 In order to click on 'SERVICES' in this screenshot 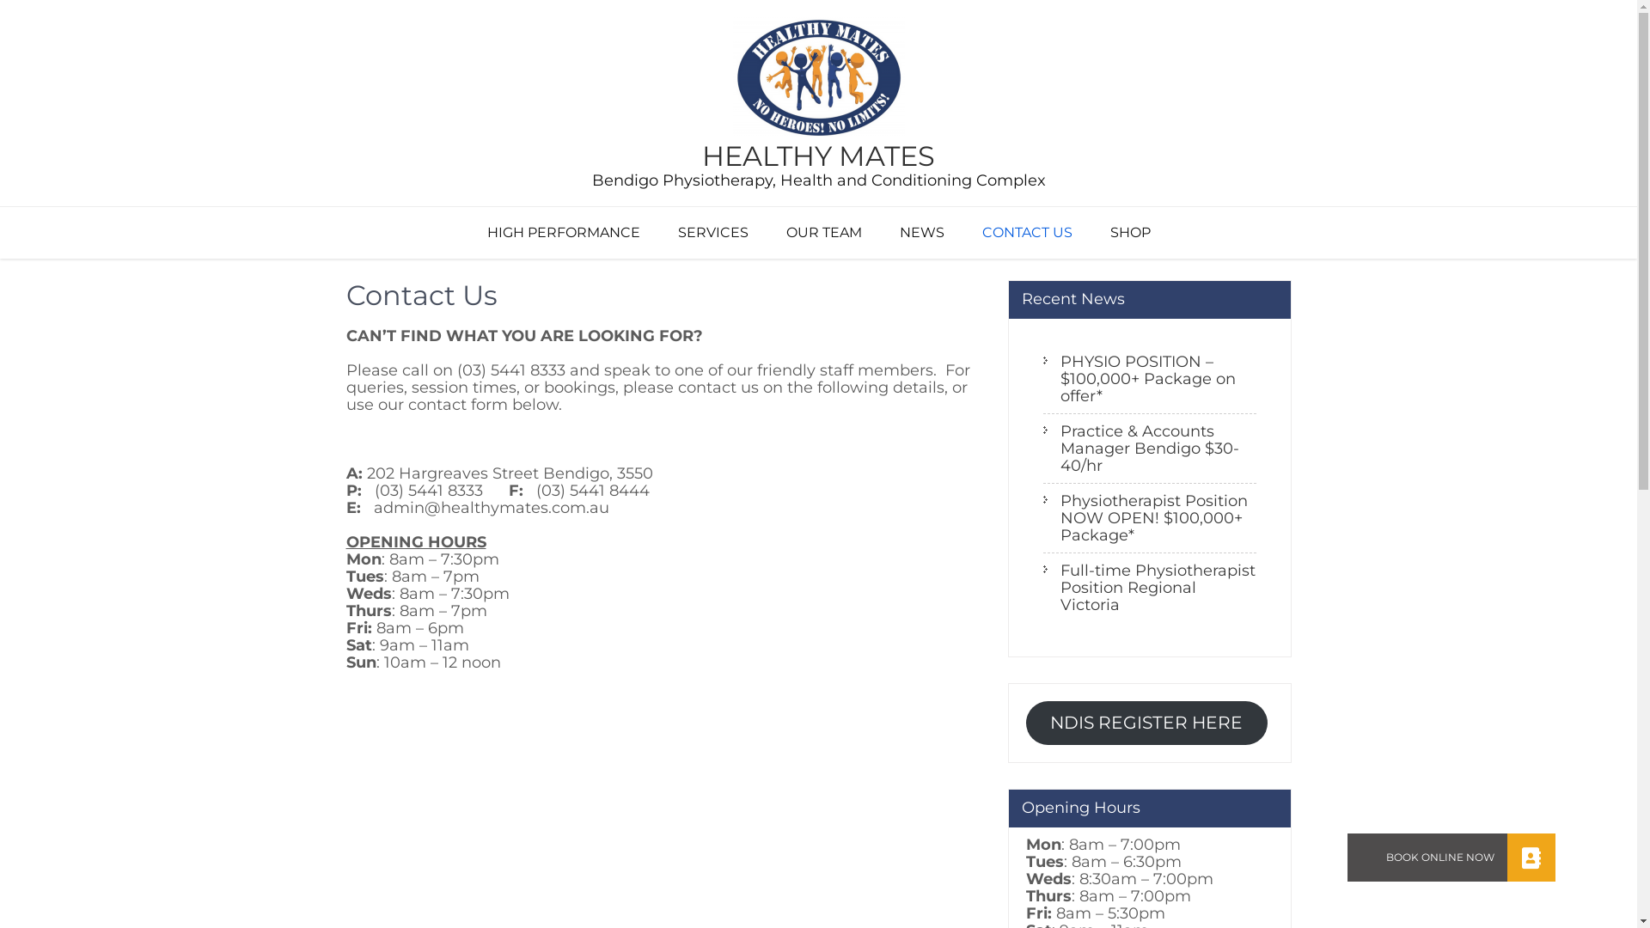, I will do `click(712, 232)`.